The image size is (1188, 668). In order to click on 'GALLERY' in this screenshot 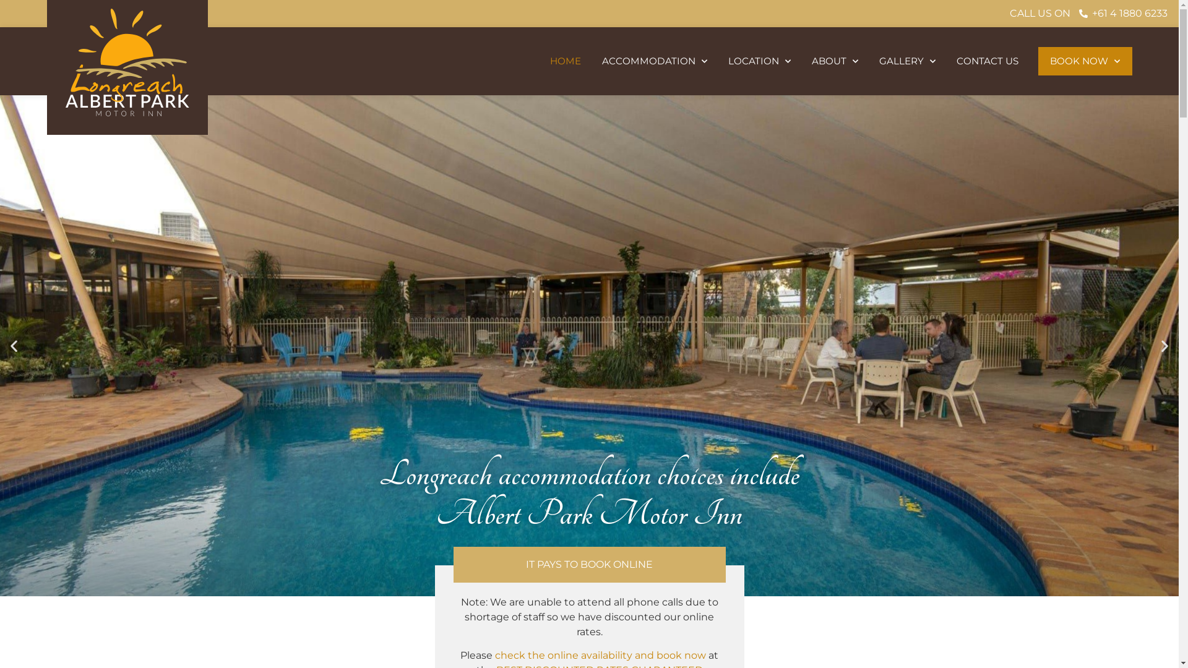, I will do `click(907, 61)`.